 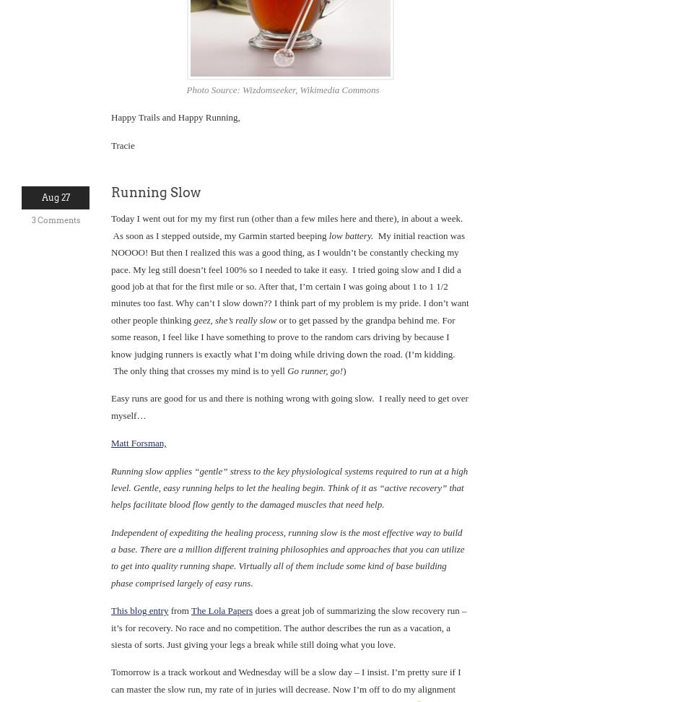 I want to click on 'Easy runs are good for us and there is nothing wrong with going slow.  I really need to get over myself…', so click(x=288, y=405).